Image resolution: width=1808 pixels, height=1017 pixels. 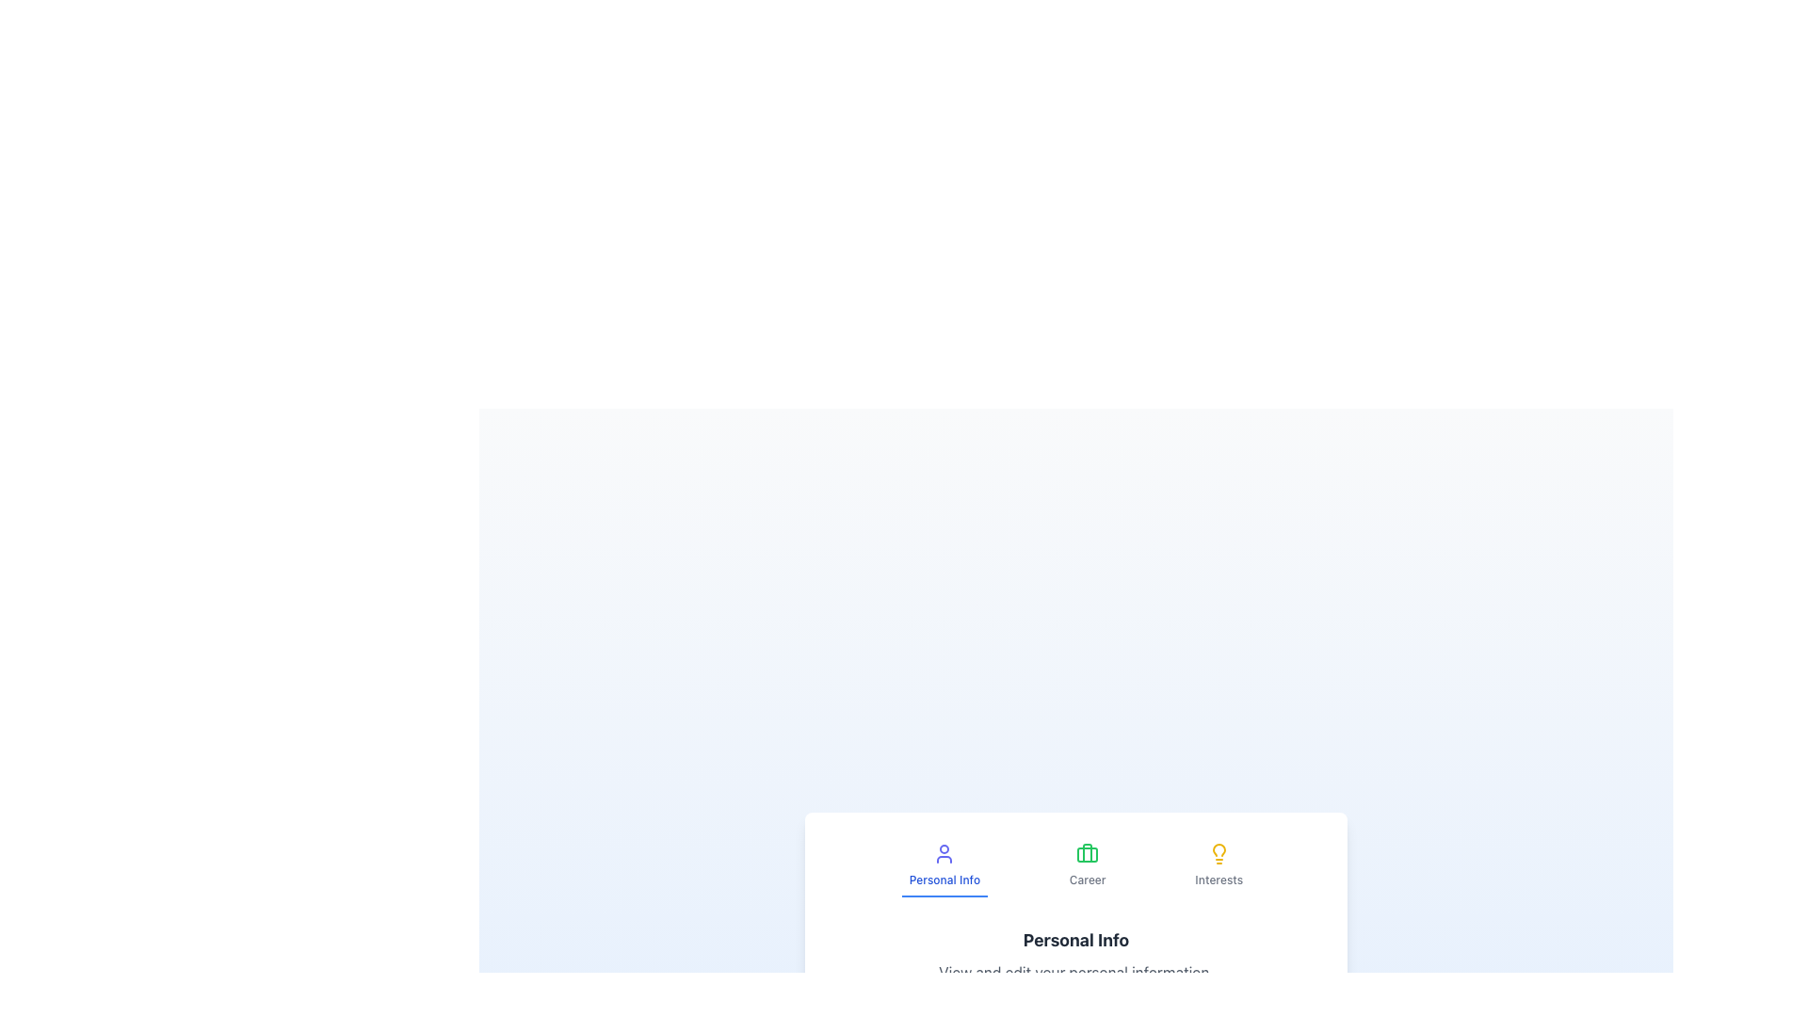 What do you see at coordinates (1219, 849) in the screenshot?
I see `the yellow bulb icon` at bounding box center [1219, 849].